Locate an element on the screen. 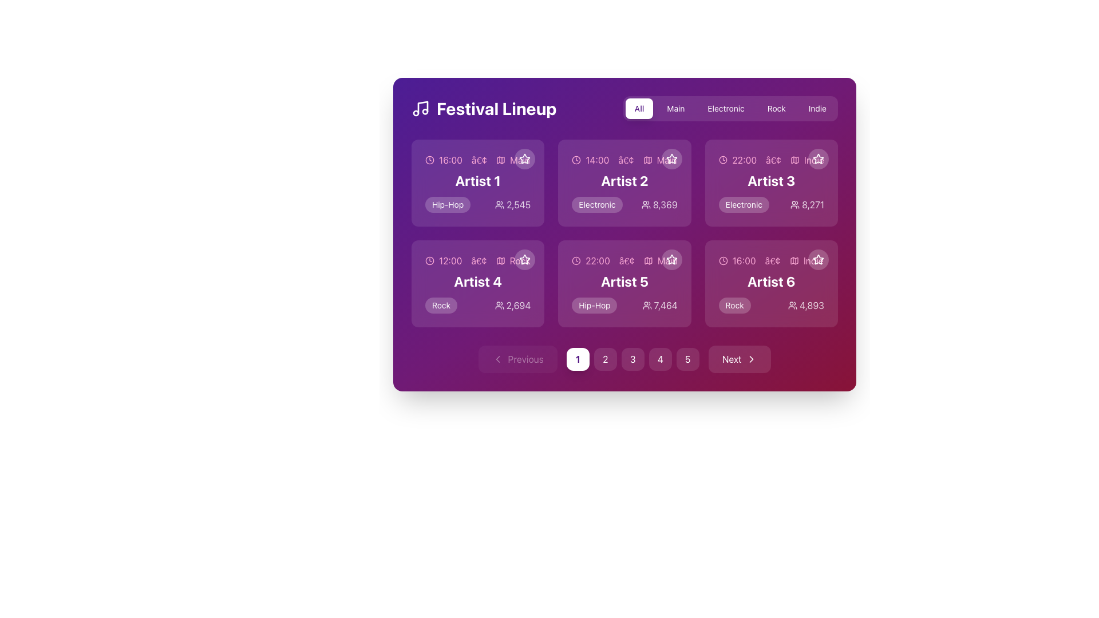 The height and width of the screenshot is (618, 1099). the decorative icon located at the top-left corner of the card for 'Artist 1', which is positioned before the text '16:00' is located at coordinates (429, 160).